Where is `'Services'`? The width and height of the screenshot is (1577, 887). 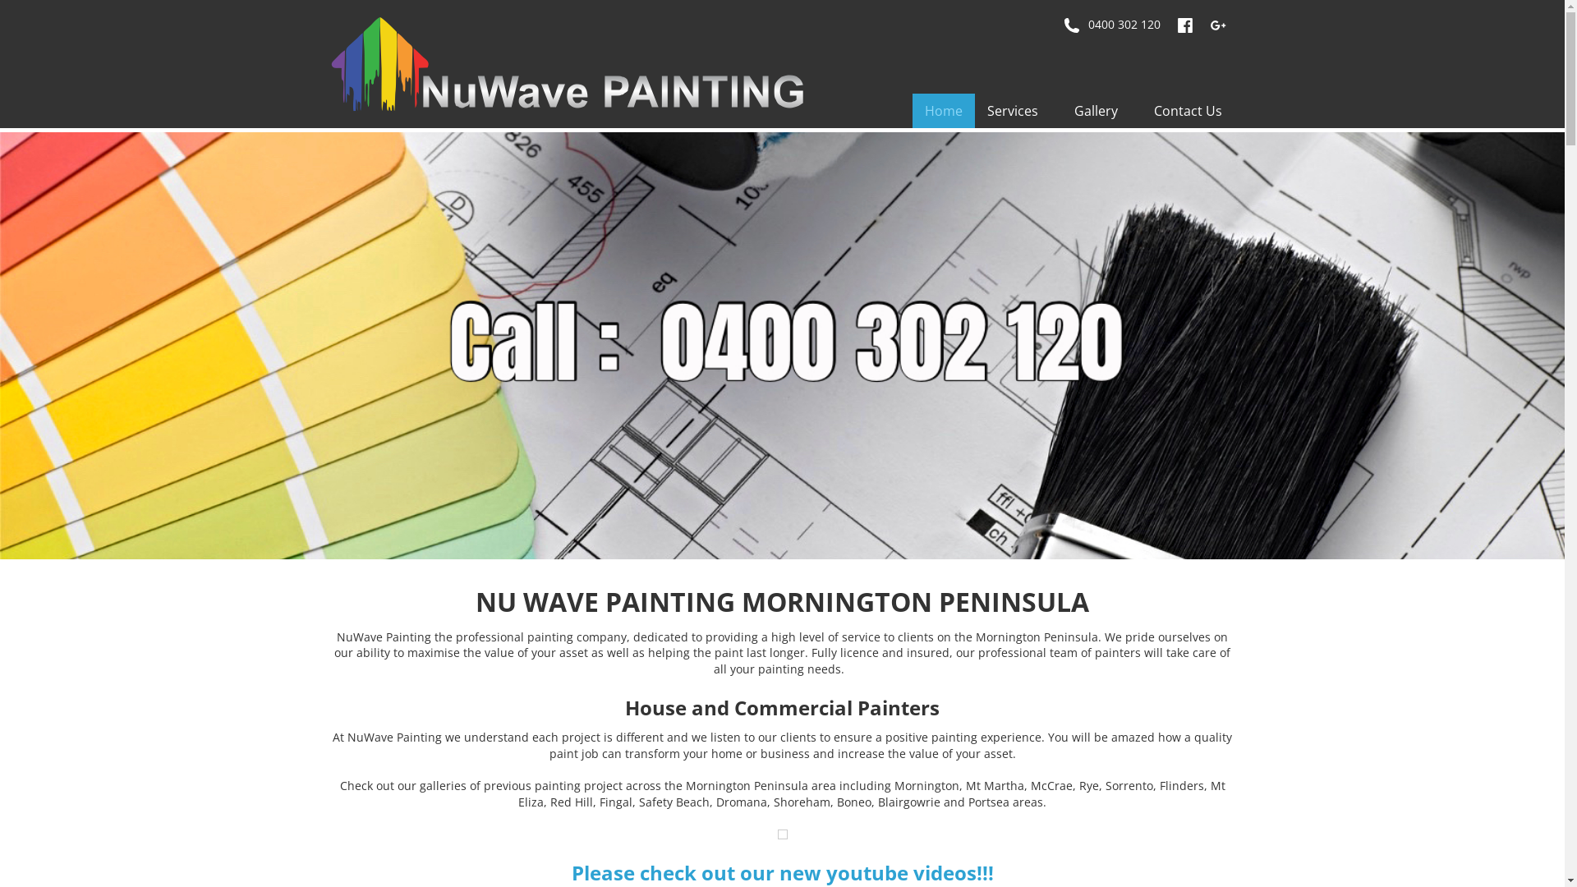
'Services' is located at coordinates (1016, 111).